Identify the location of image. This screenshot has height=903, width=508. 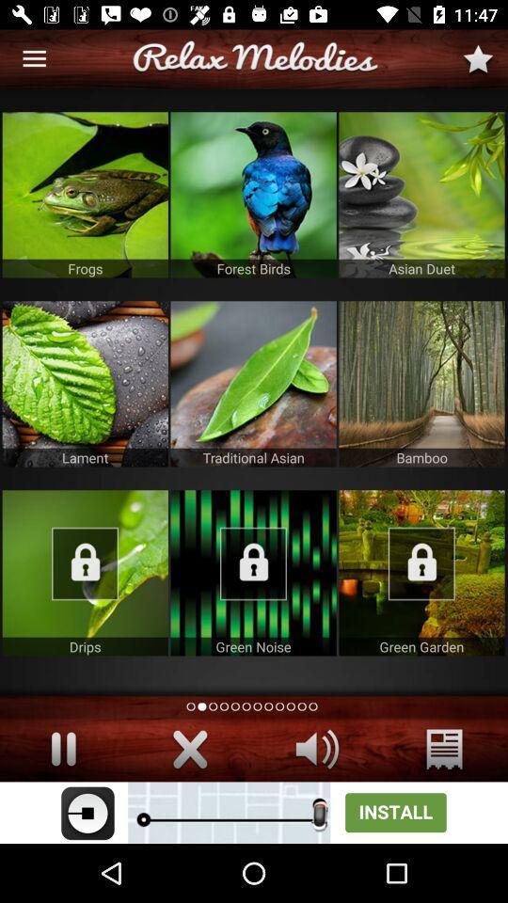
(253, 572).